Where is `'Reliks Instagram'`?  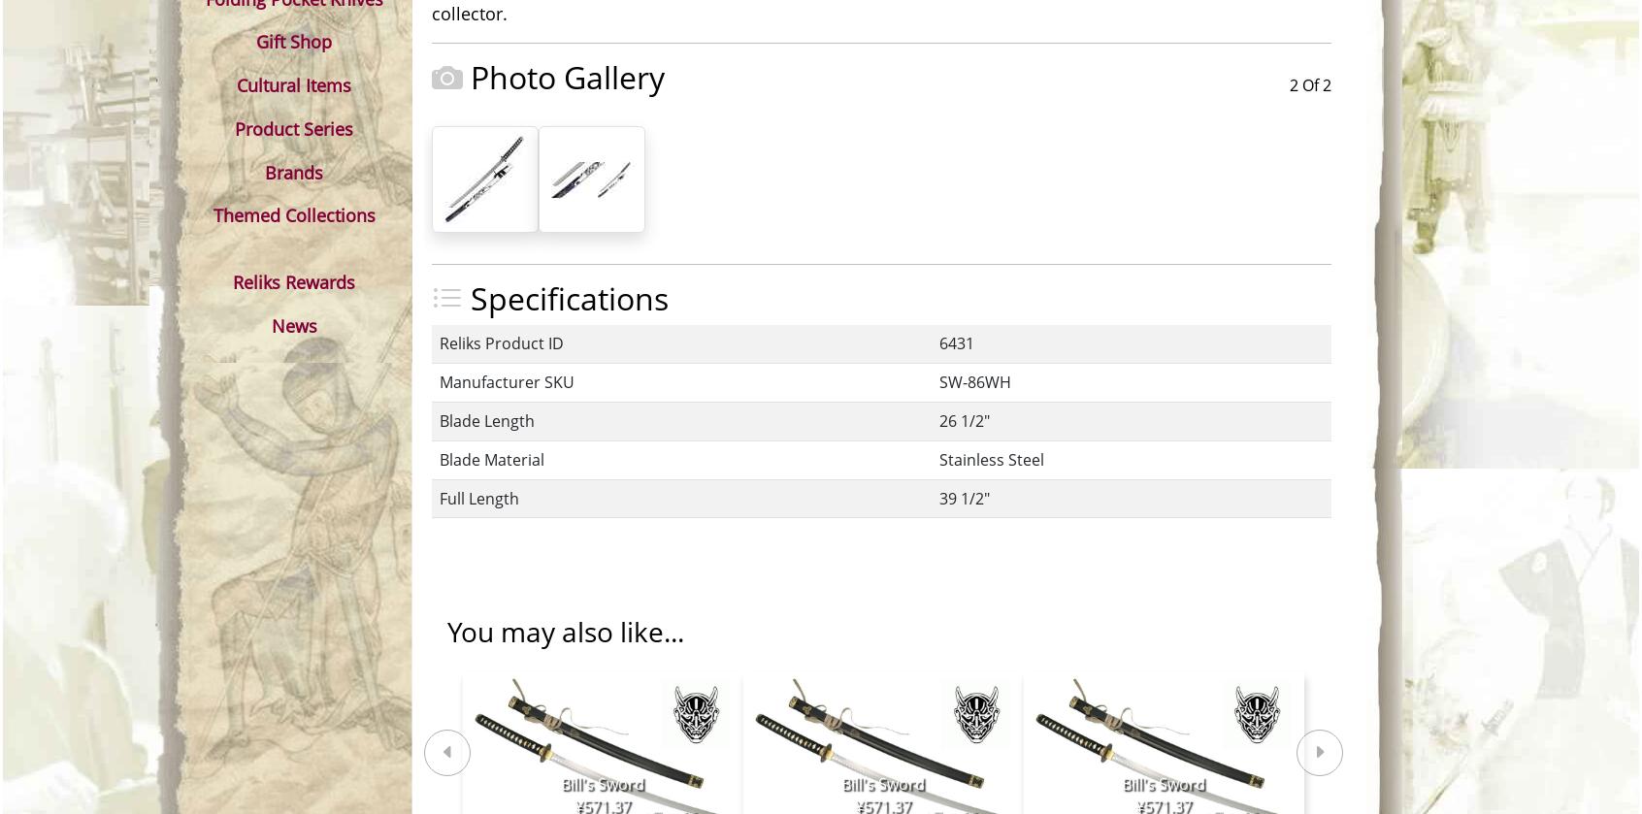 'Reliks Instagram' is located at coordinates (967, 606).